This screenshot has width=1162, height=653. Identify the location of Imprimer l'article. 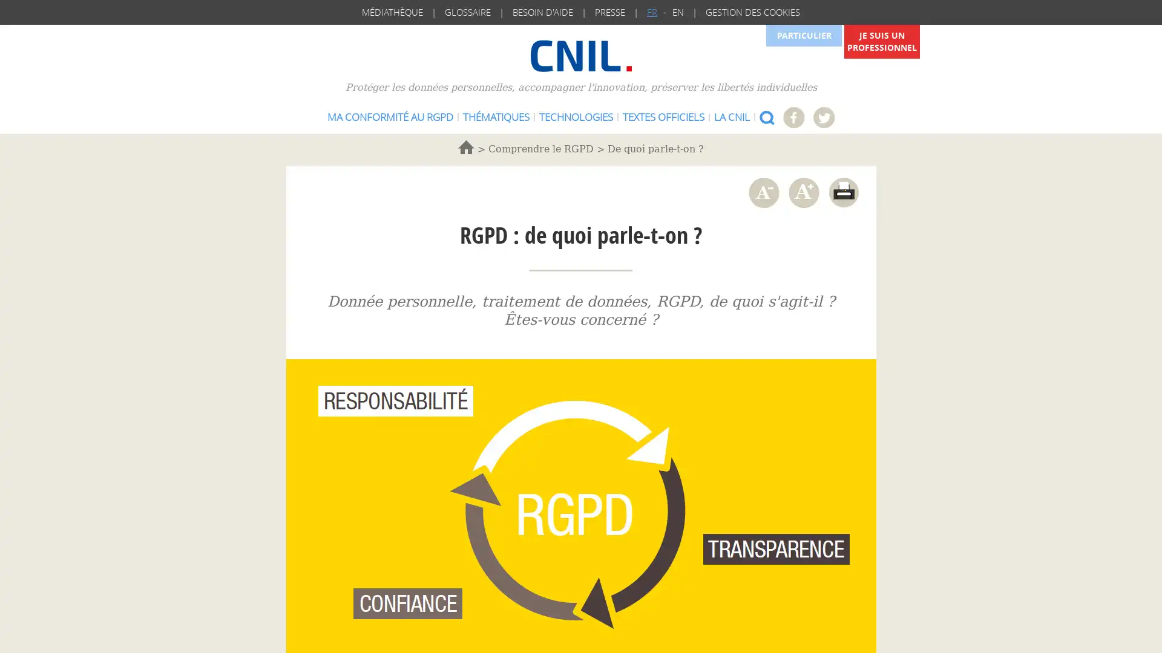
(842, 192).